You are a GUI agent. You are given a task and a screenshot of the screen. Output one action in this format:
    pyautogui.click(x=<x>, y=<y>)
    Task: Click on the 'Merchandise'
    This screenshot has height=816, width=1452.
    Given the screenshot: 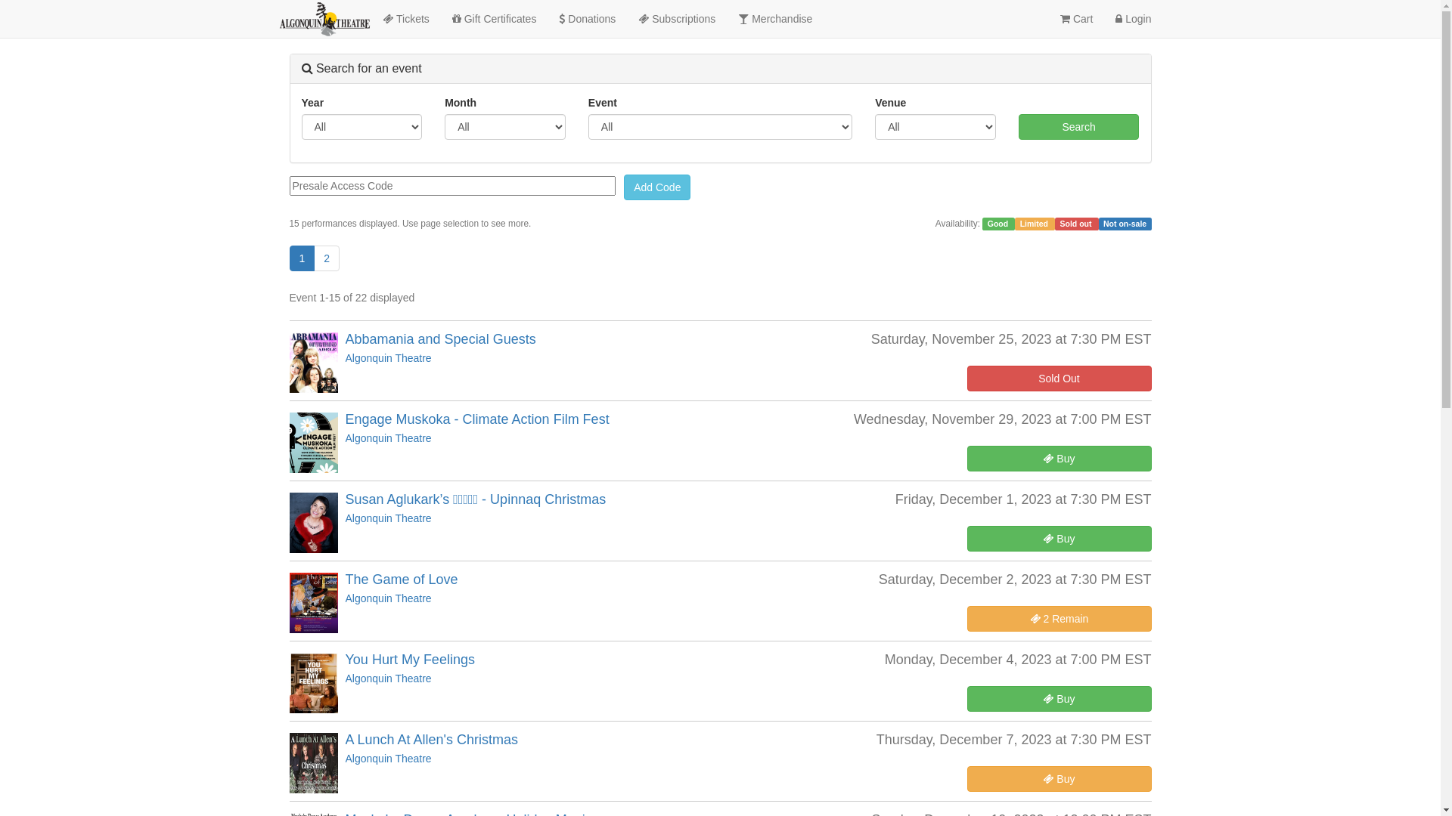 What is the action you would take?
    pyautogui.click(x=775, y=18)
    